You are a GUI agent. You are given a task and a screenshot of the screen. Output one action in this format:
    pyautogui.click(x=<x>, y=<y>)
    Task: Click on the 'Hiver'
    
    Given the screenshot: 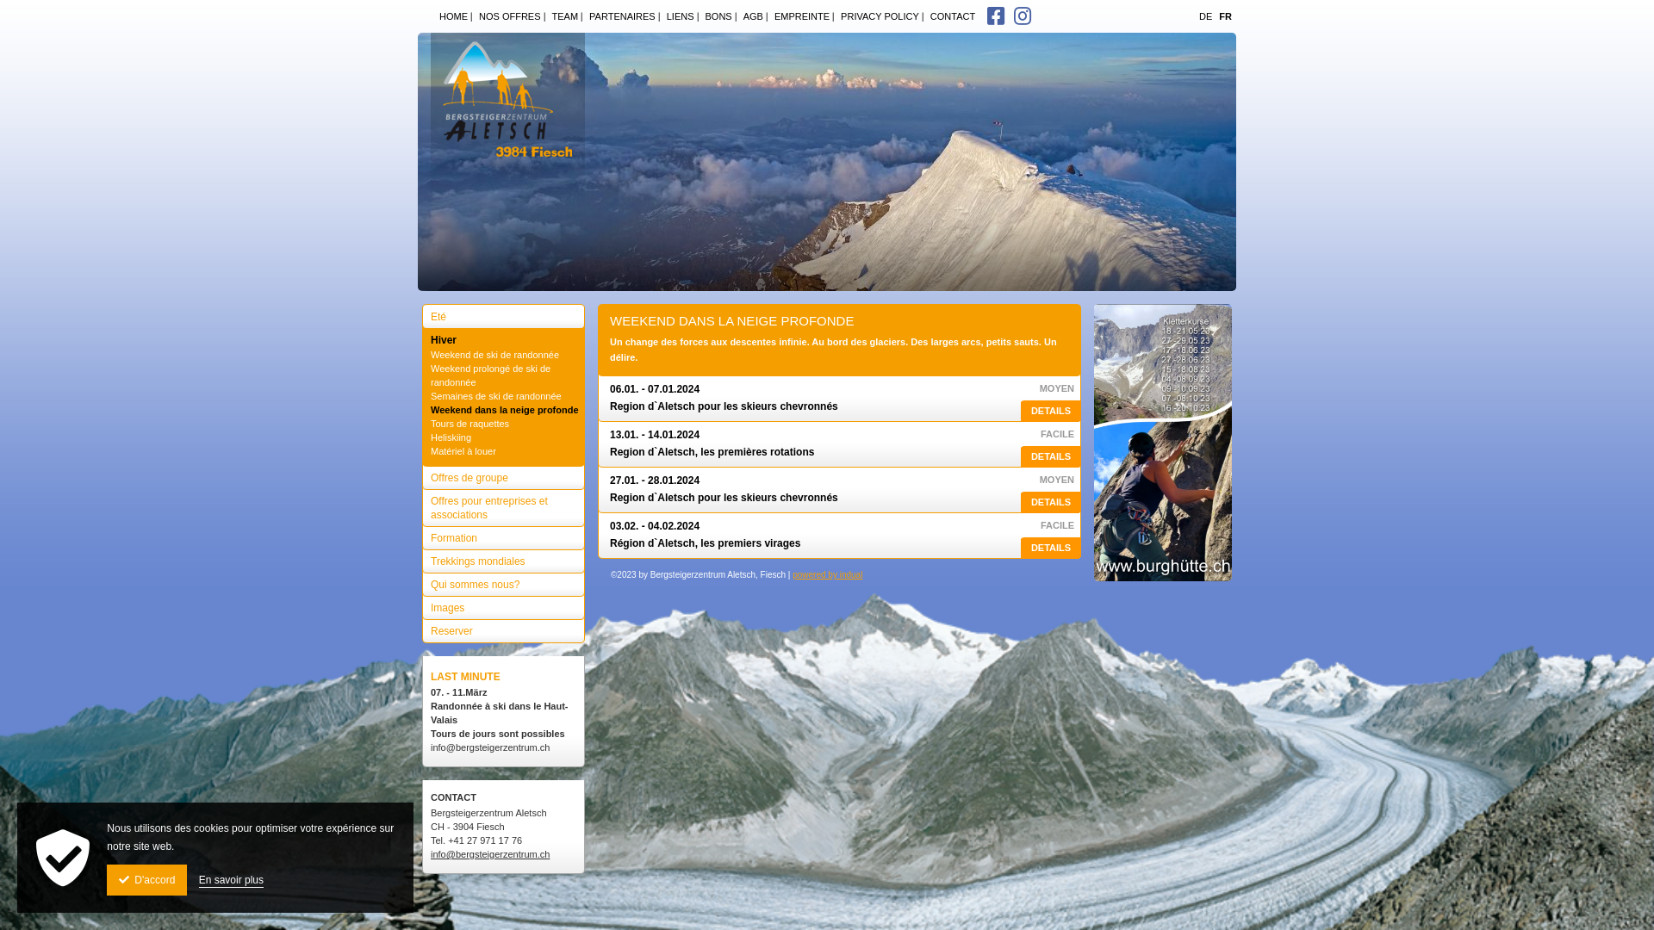 What is the action you would take?
    pyautogui.click(x=502, y=336)
    